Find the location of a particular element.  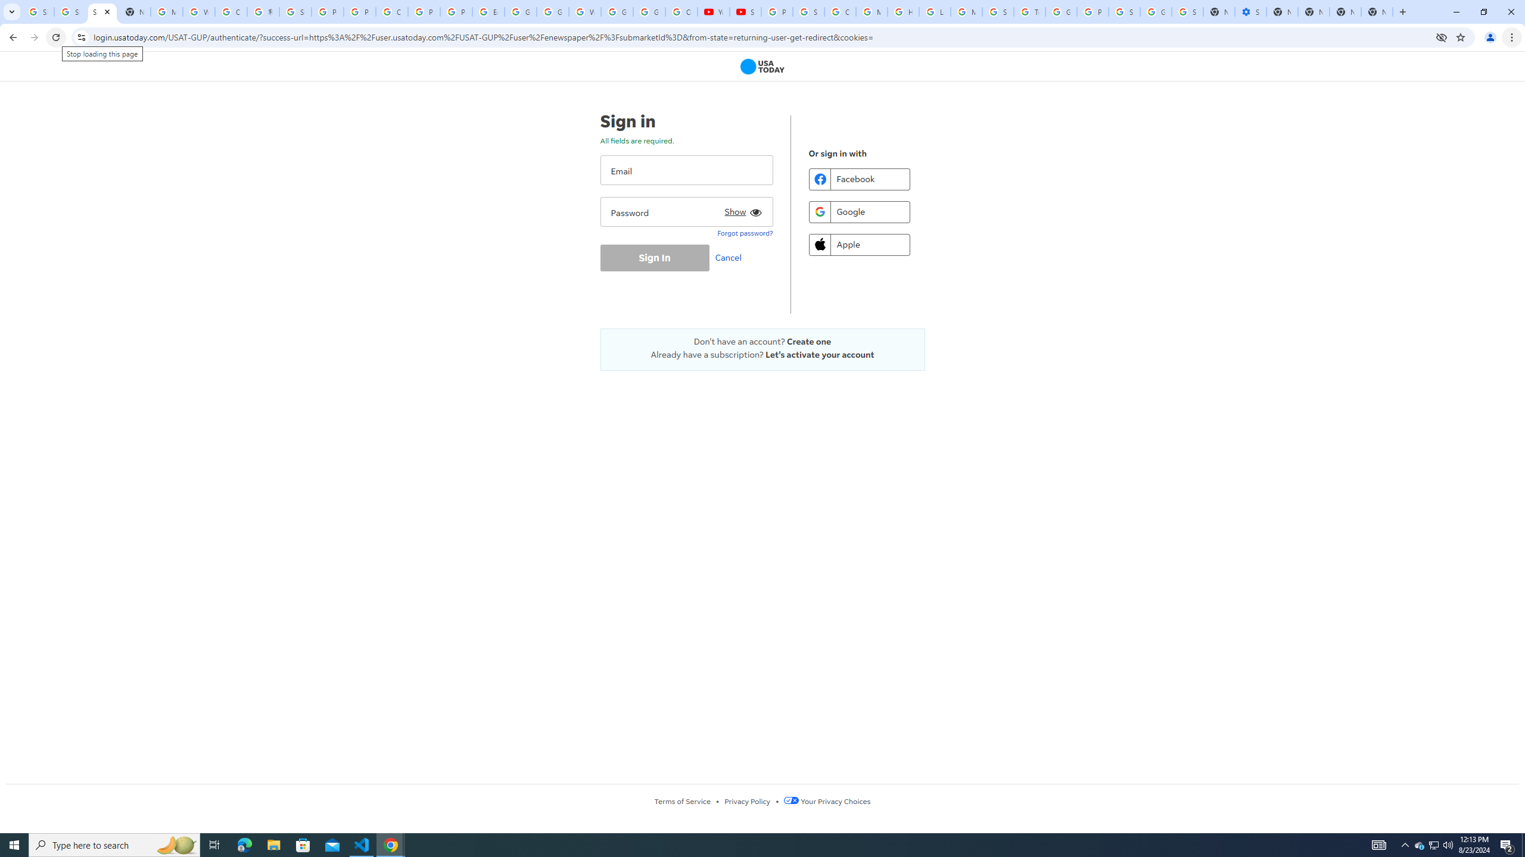

'Cancel' is located at coordinates (731, 257).